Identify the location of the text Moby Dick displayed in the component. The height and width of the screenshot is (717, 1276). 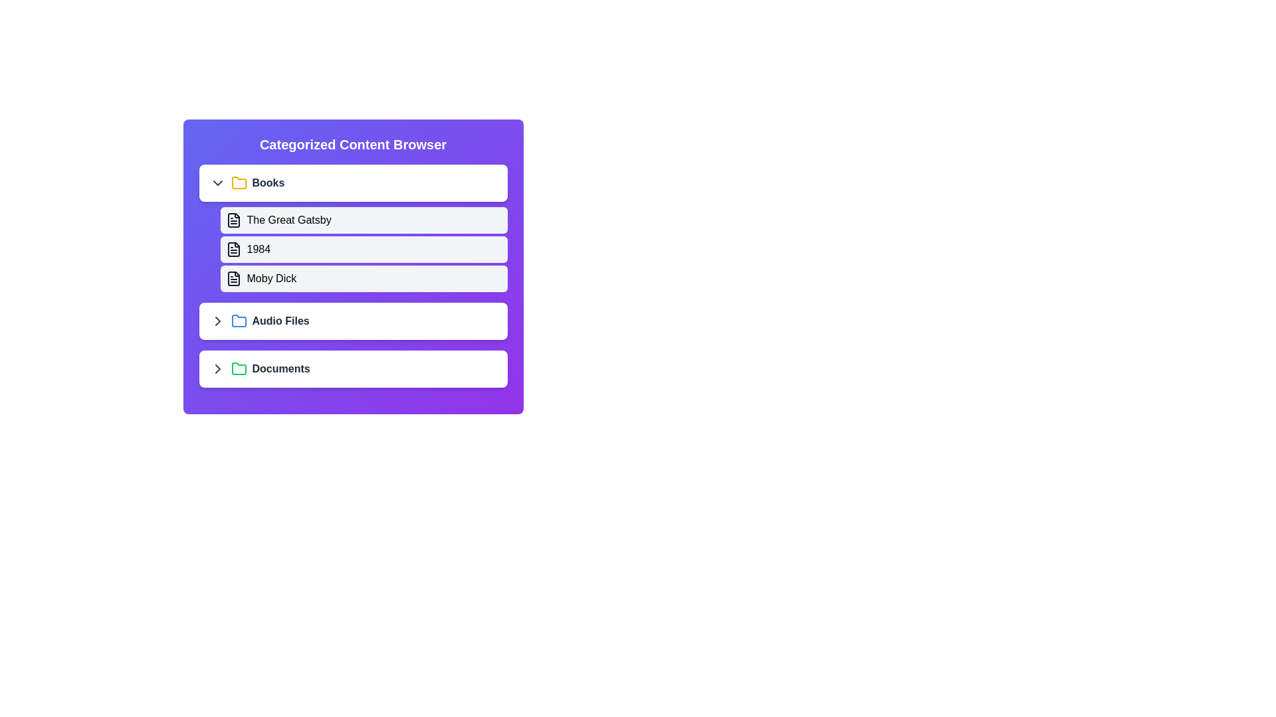
(270, 278).